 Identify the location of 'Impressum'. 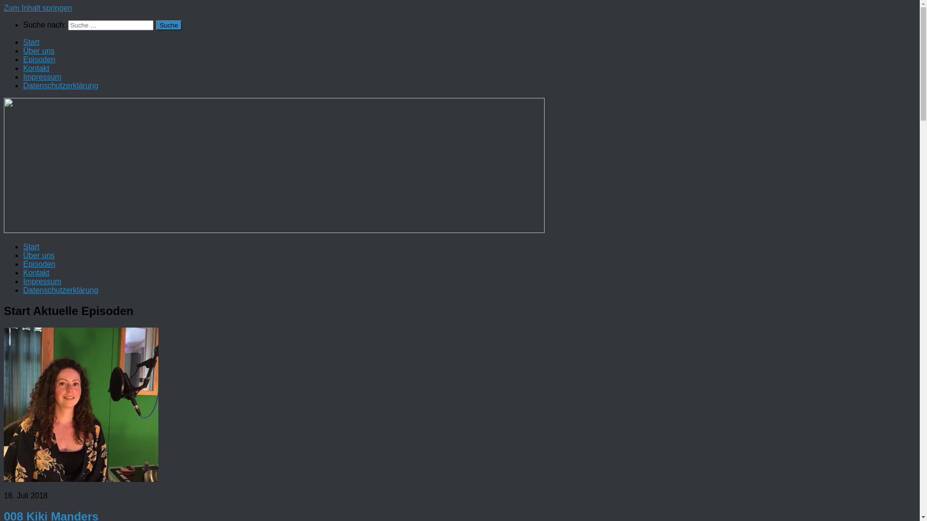
(42, 76).